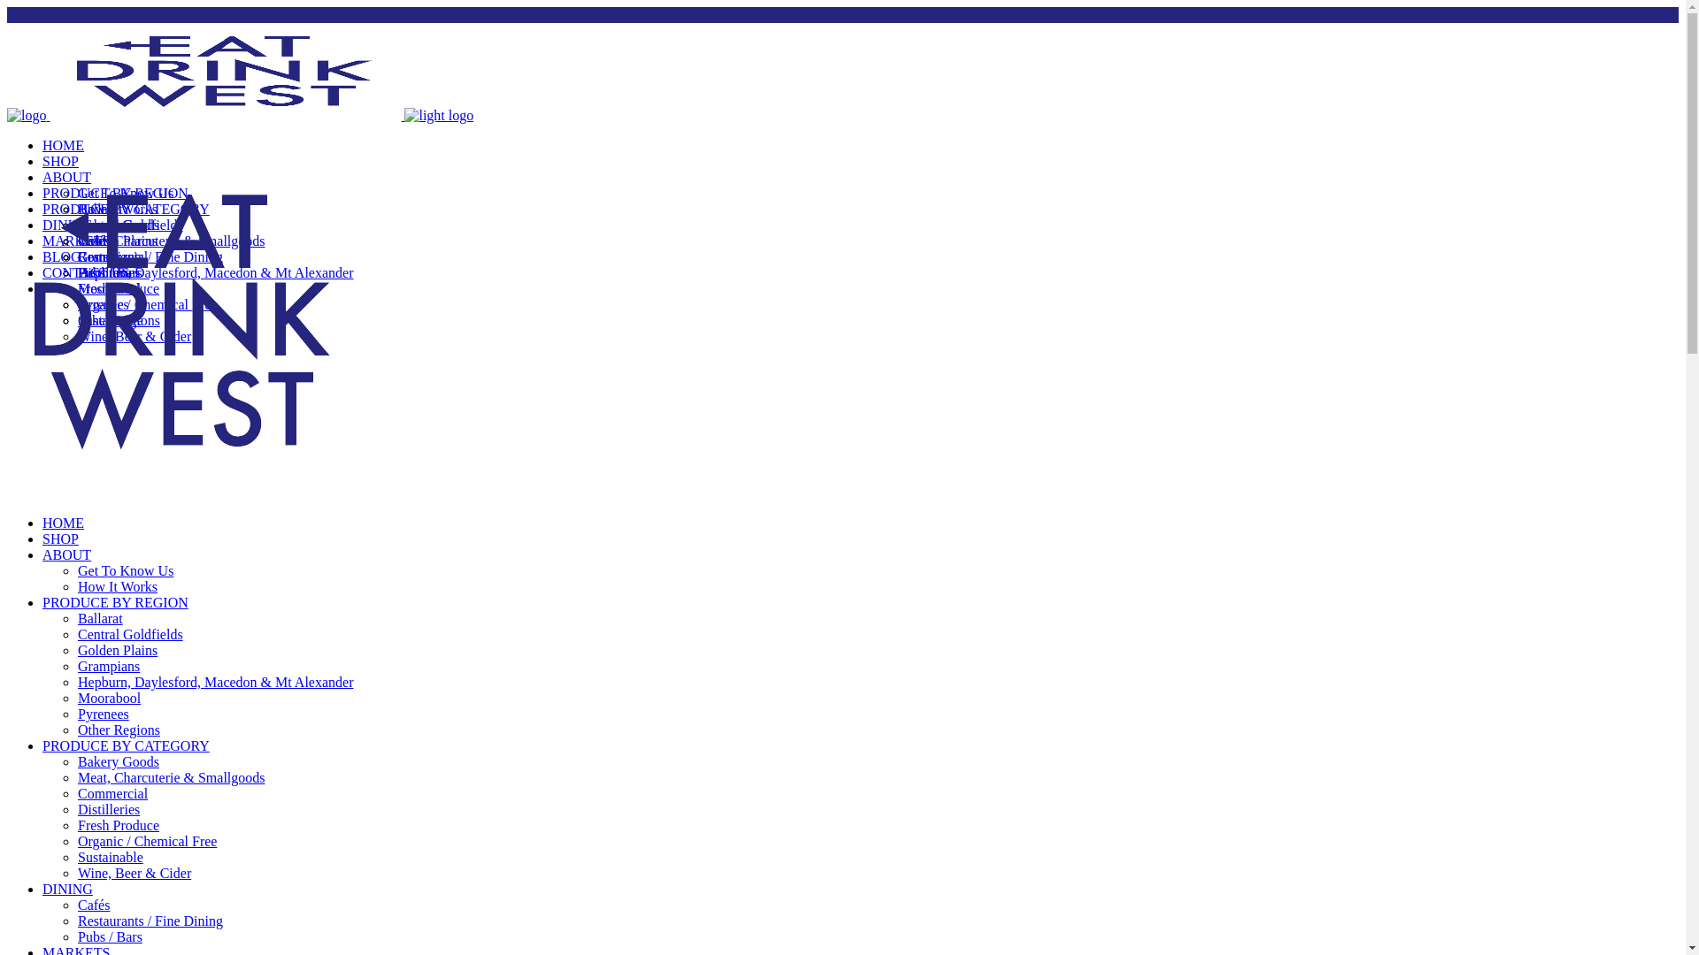  Describe the element at coordinates (111, 792) in the screenshot. I see `'Commercial'` at that location.